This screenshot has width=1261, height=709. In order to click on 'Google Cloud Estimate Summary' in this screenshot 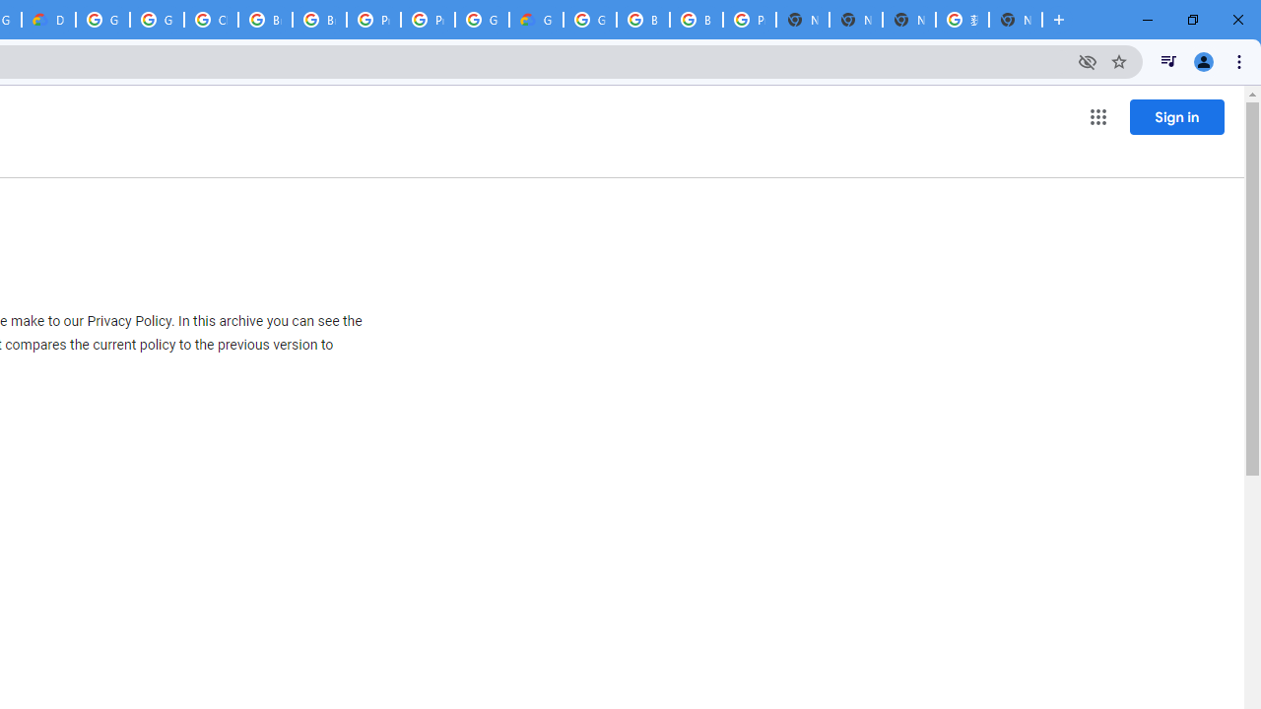, I will do `click(536, 20)`.